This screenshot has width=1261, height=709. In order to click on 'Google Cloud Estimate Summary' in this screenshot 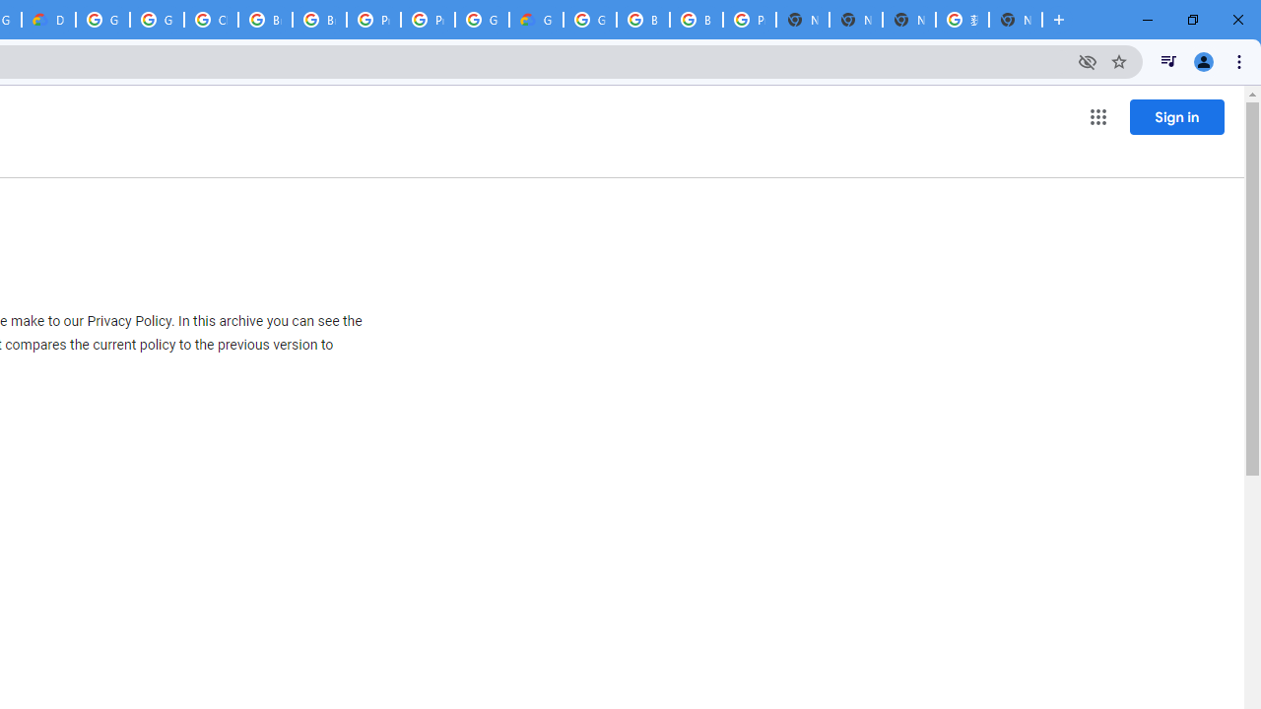, I will do `click(536, 20)`.